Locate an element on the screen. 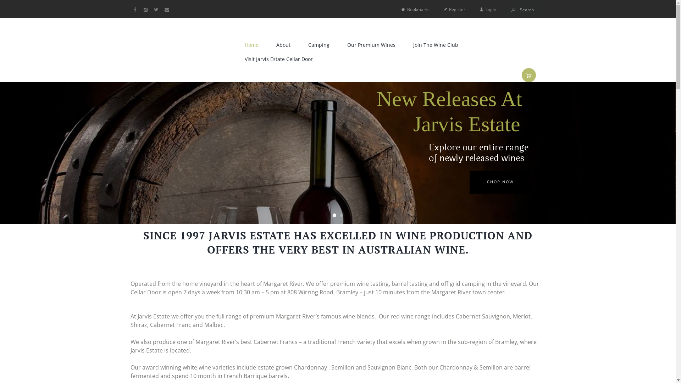 Image resolution: width=681 pixels, height=383 pixels. 'Bookmarks' is located at coordinates (415, 10).